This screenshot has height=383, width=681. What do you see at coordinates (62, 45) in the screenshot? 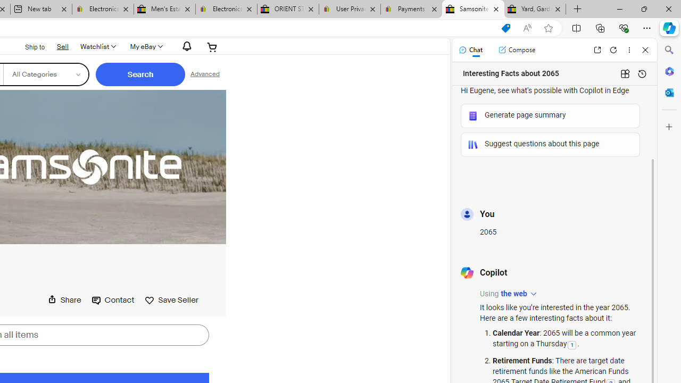
I see `'Sell'` at bounding box center [62, 45].